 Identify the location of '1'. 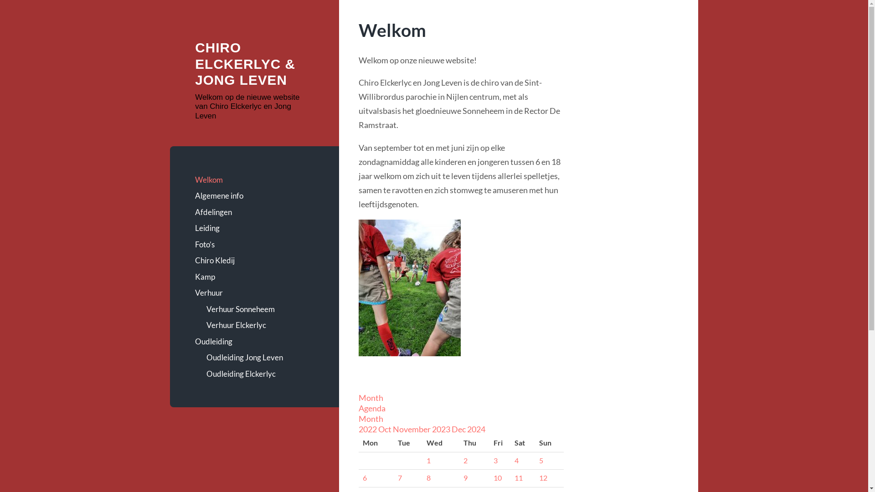
(428, 460).